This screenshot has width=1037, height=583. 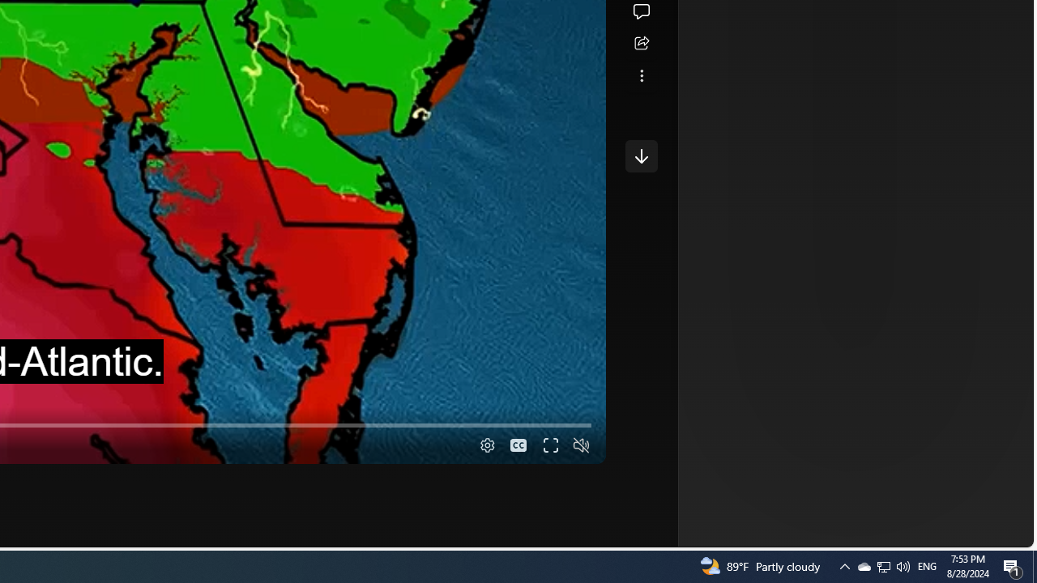 What do you see at coordinates (551, 445) in the screenshot?
I see `'Fullscreen'` at bounding box center [551, 445].